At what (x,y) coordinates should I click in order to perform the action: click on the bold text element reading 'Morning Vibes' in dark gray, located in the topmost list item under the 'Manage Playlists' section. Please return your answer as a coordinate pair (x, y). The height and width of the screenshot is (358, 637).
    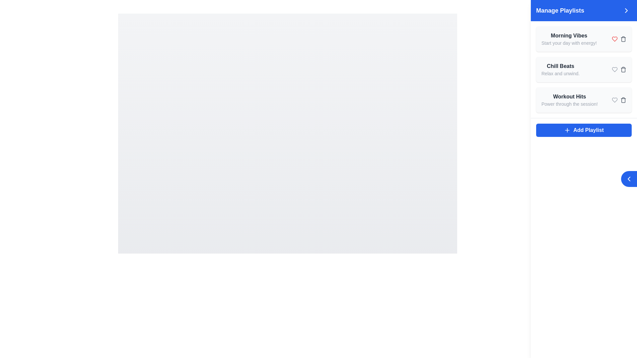
    Looking at the image, I should click on (569, 36).